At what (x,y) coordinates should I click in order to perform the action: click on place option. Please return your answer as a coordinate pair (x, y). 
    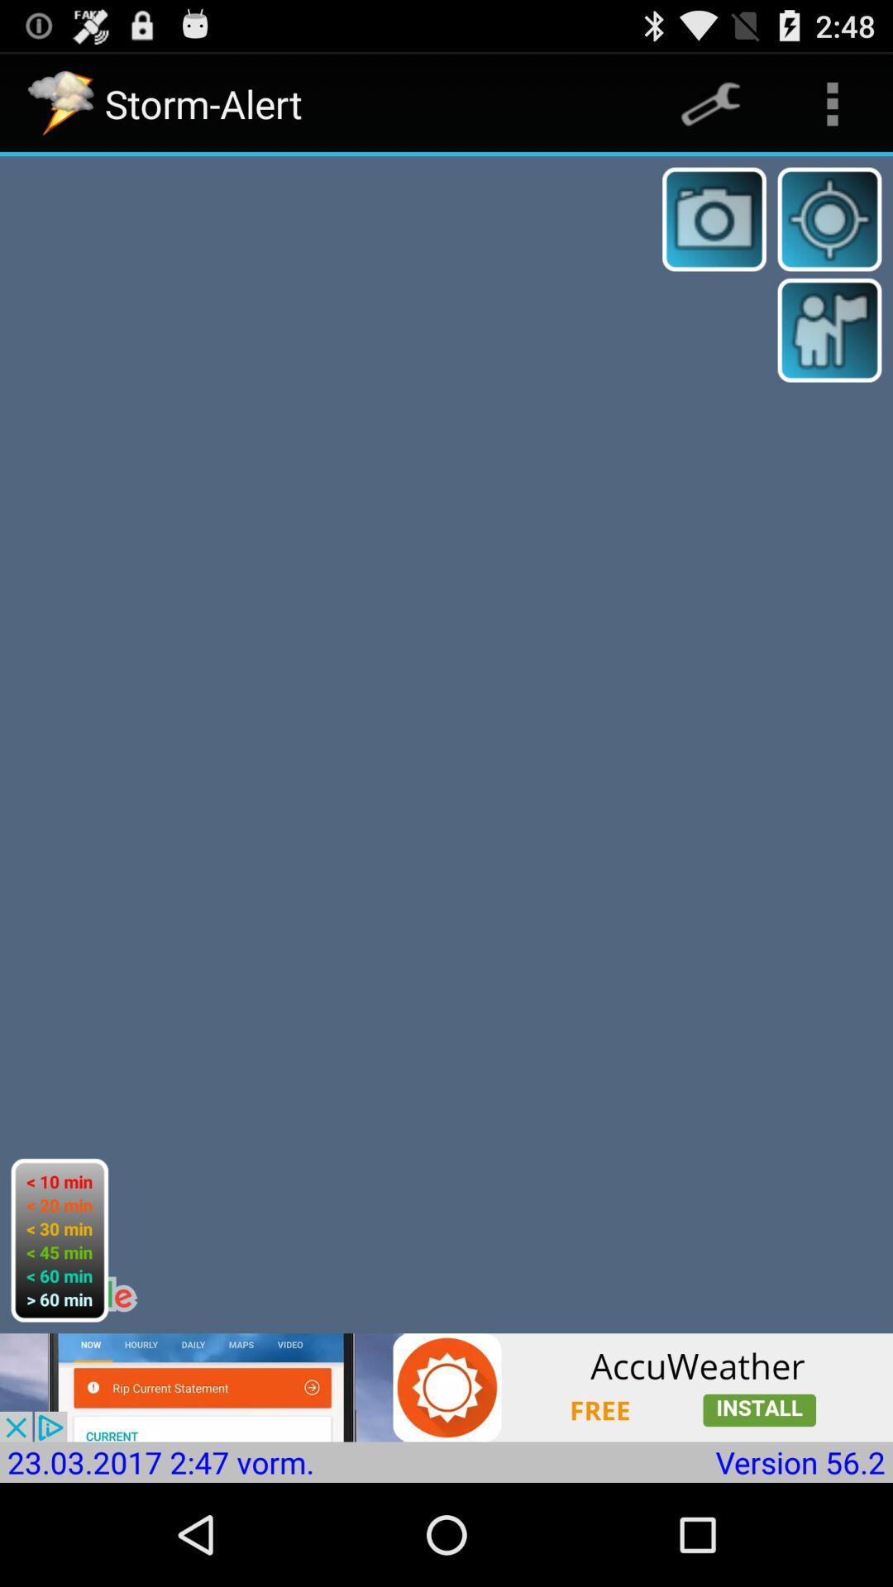
    Looking at the image, I should click on (829, 330).